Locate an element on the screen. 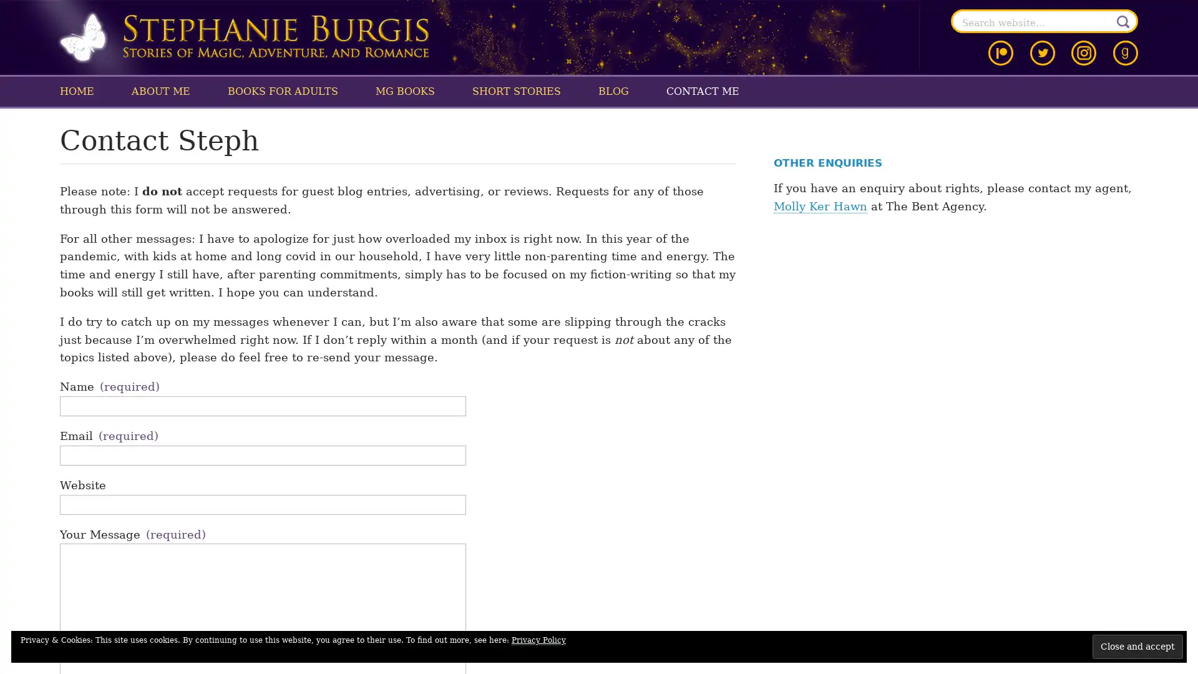  Search is located at coordinates (1123, 21).